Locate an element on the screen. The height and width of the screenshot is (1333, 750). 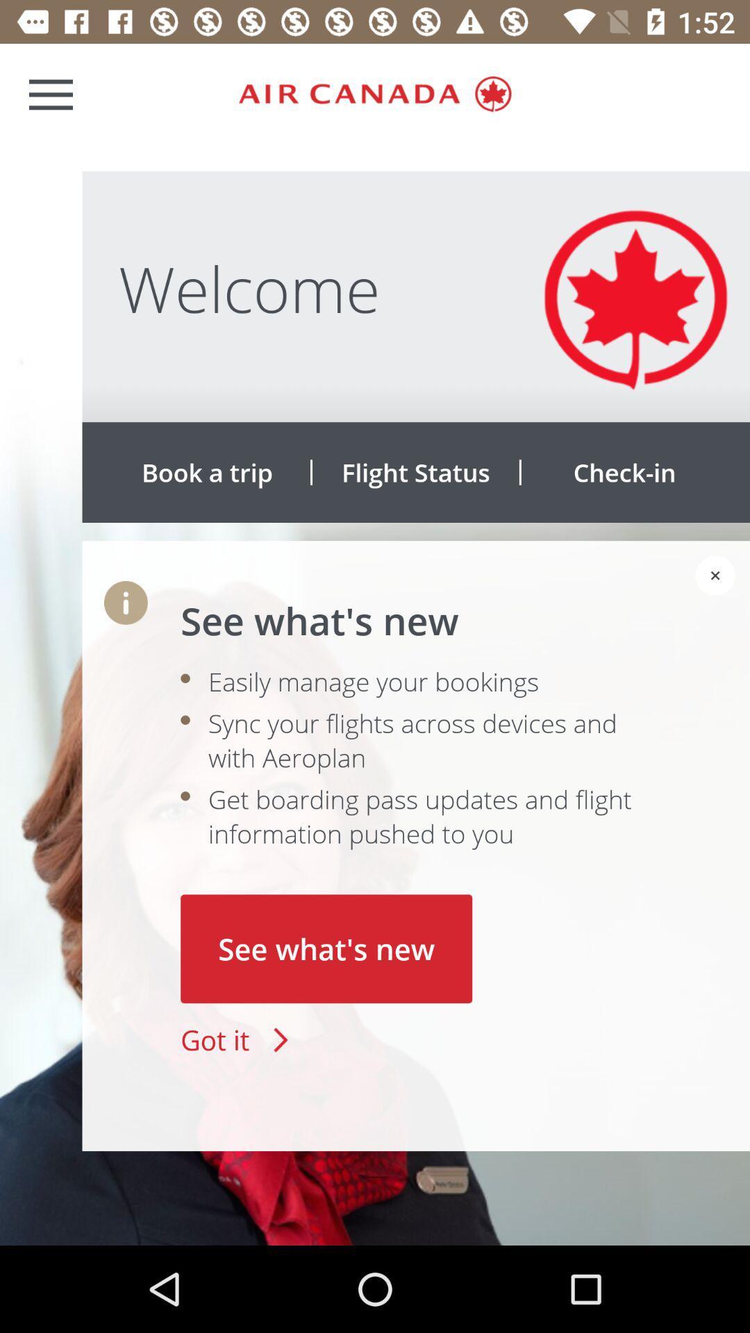
the close icon is located at coordinates (715, 576).